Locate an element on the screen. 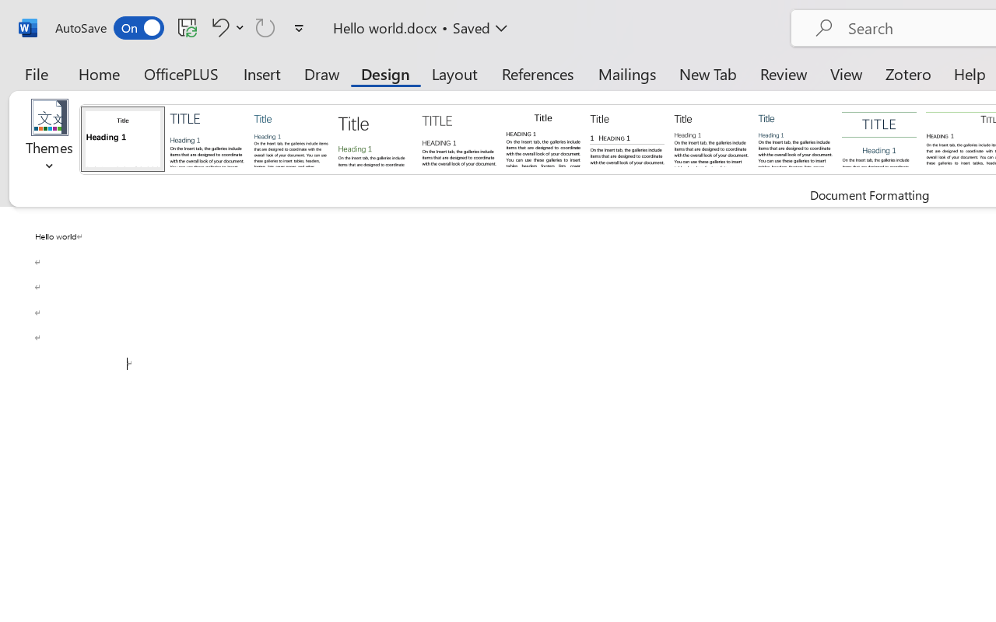  'Centered' is located at coordinates (879, 138).